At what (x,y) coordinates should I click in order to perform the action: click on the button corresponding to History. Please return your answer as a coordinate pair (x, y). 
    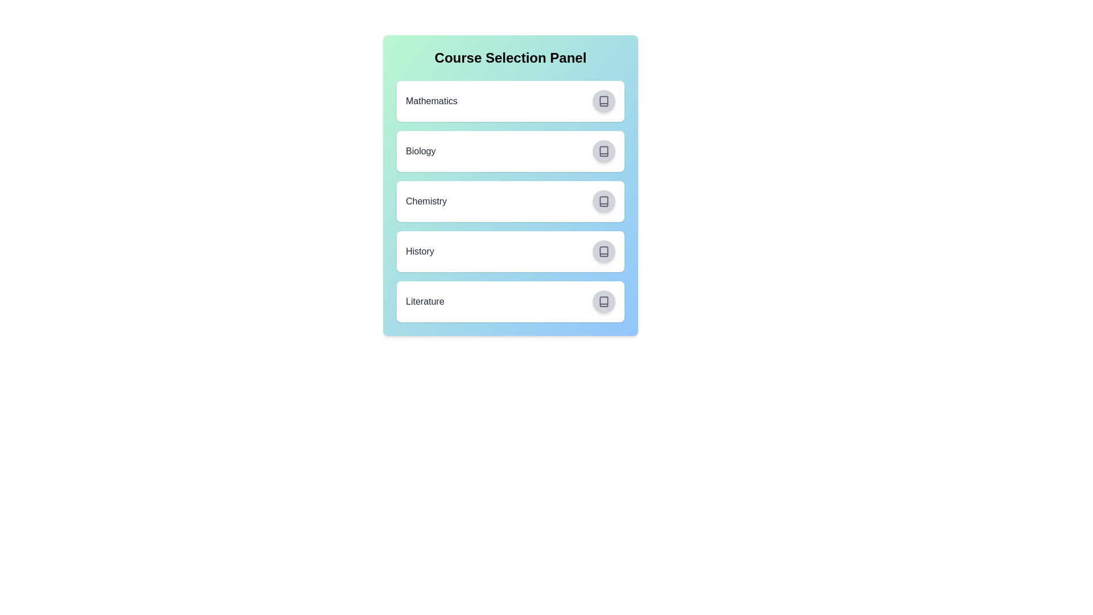
    Looking at the image, I should click on (603, 251).